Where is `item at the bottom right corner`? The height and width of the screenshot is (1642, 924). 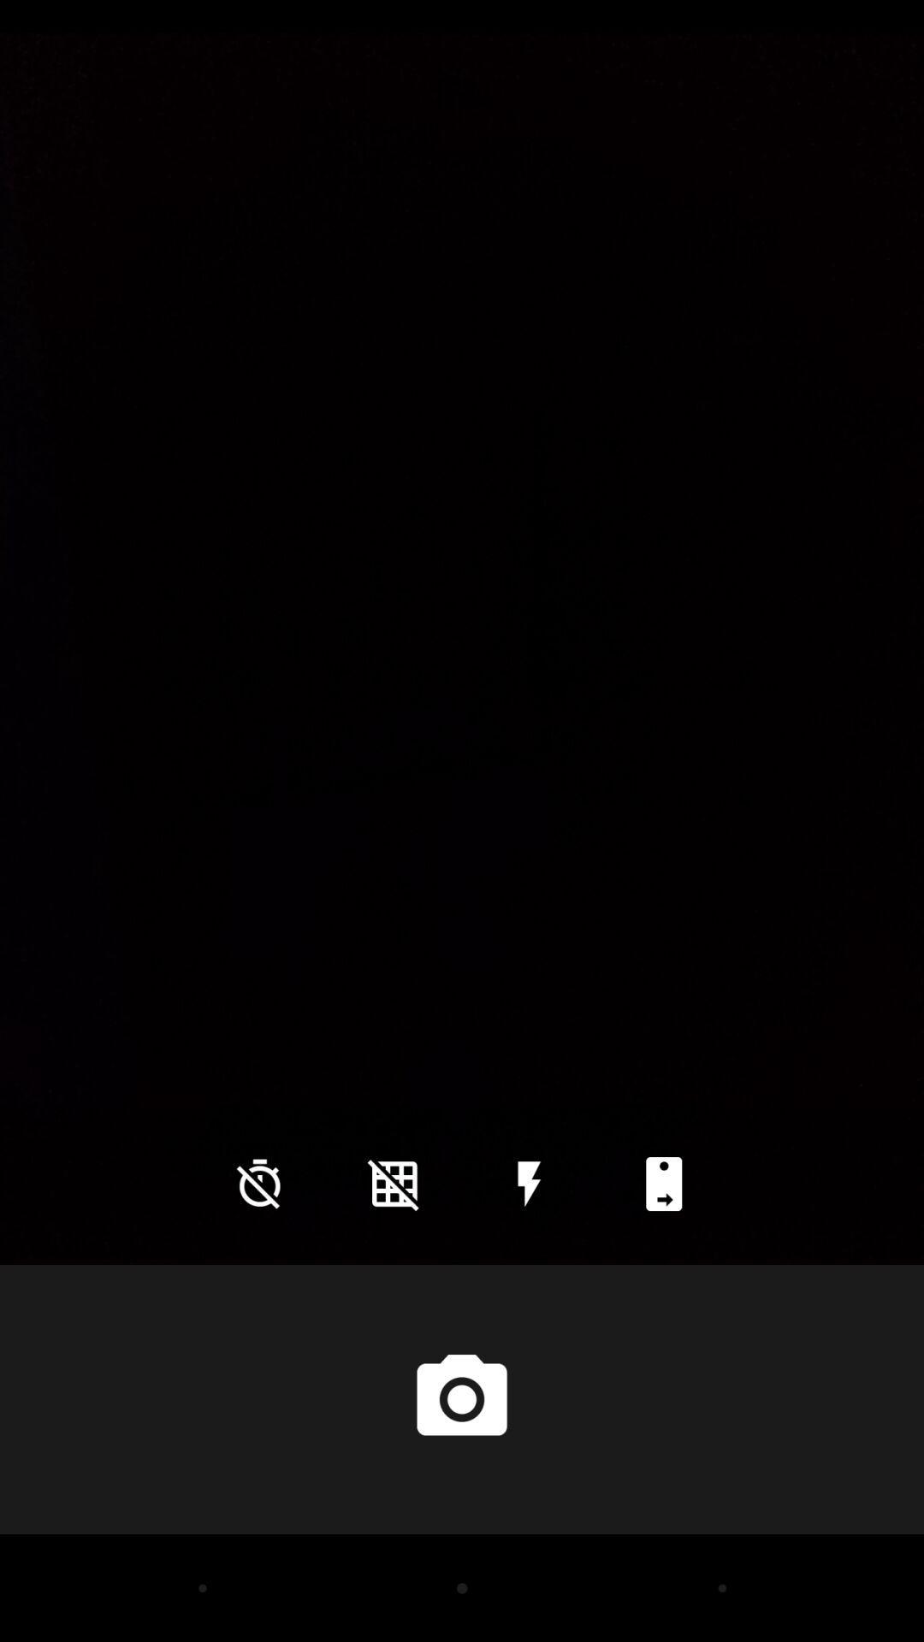
item at the bottom right corner is located at coordinates (663, 1183).